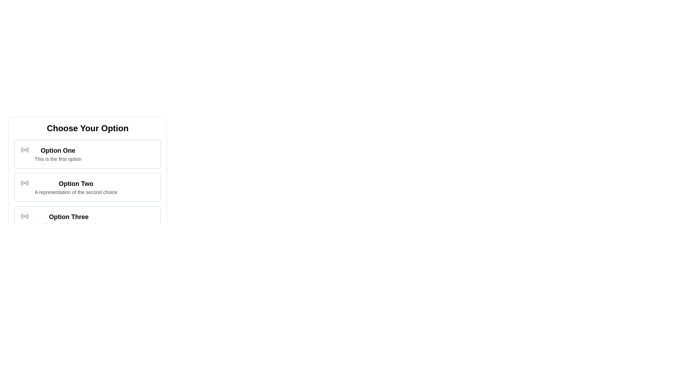 This screenshot has height=381, width=679. Describe the element at coordinates (25, 216) in the screenshot. I see `the radio button for 'Option Three', which is located on the left side of the associated text block in the 'Choose Your Option' list` at that location.